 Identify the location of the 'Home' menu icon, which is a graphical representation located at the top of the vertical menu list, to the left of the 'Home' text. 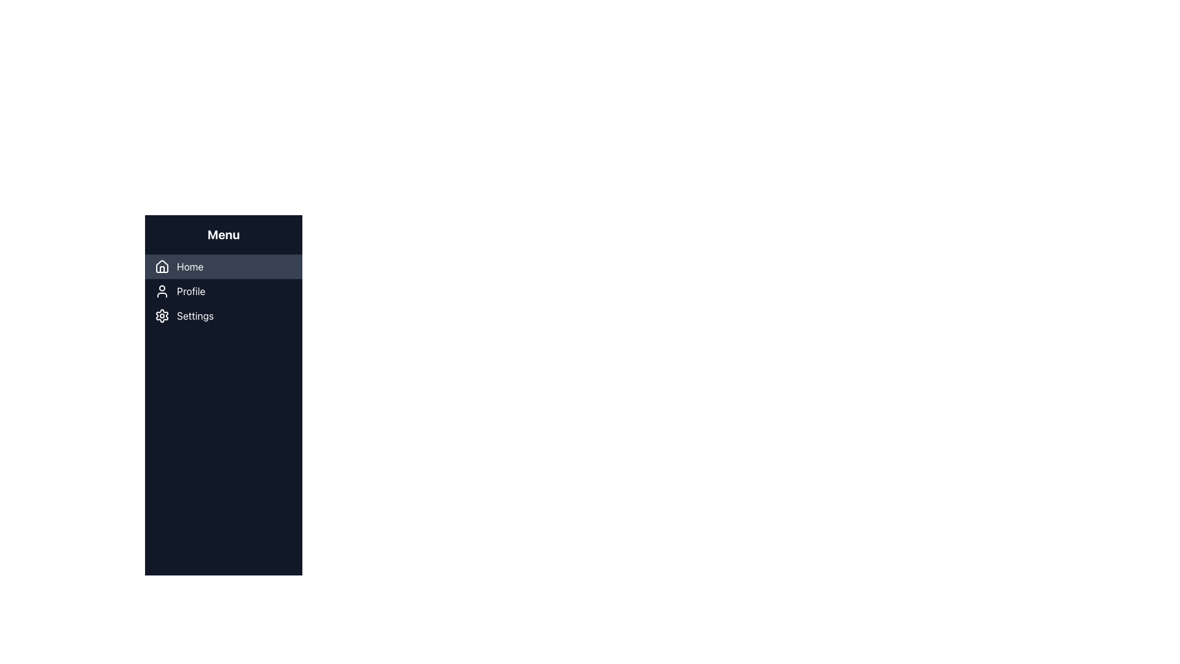
(162, 265).